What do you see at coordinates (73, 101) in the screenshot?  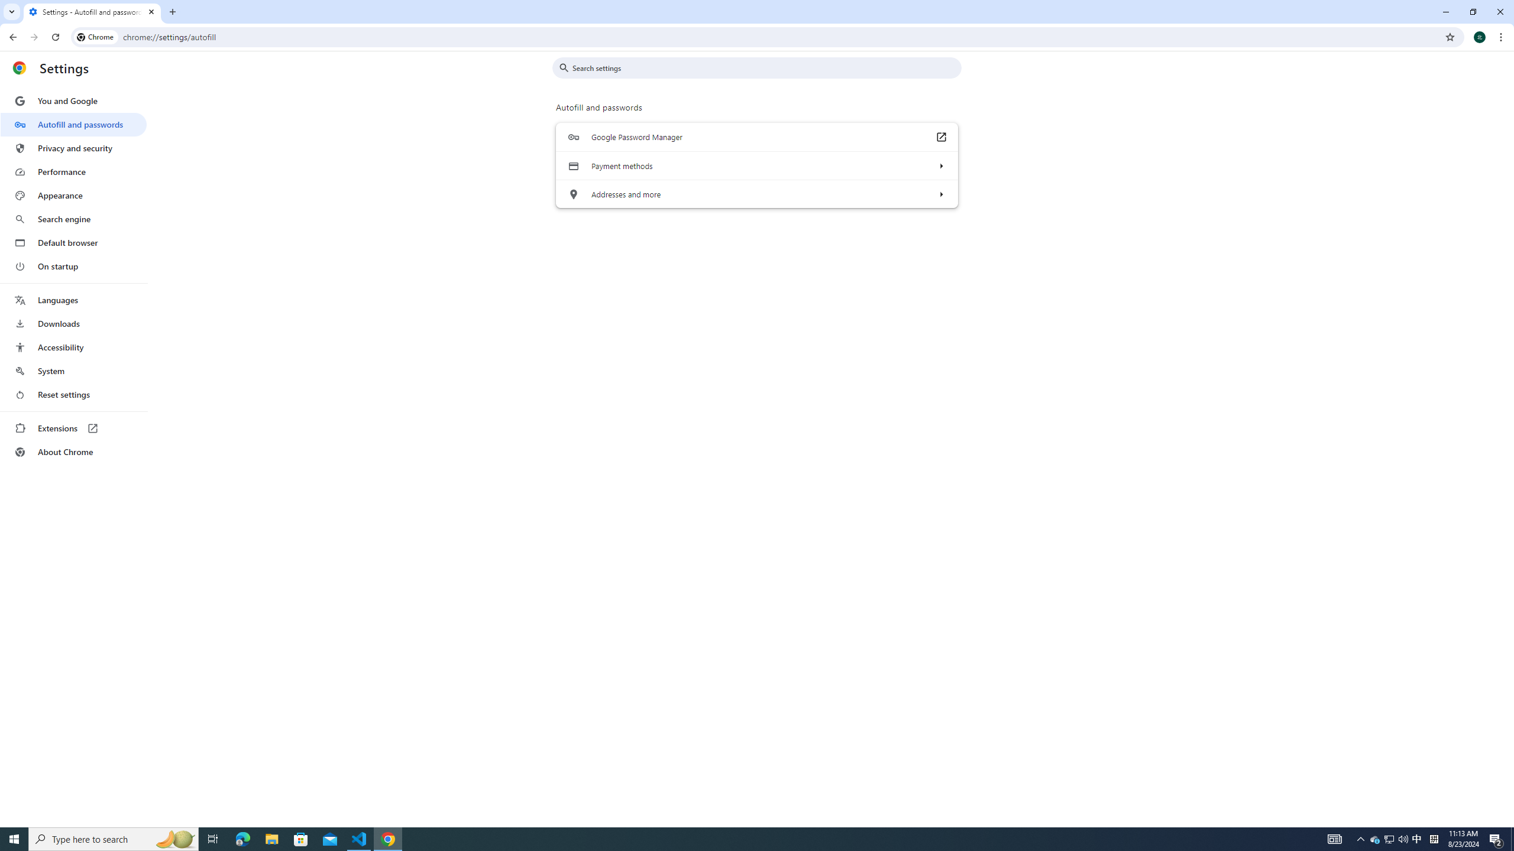 I see `'You and Google'` at bounding box center [73, 101].